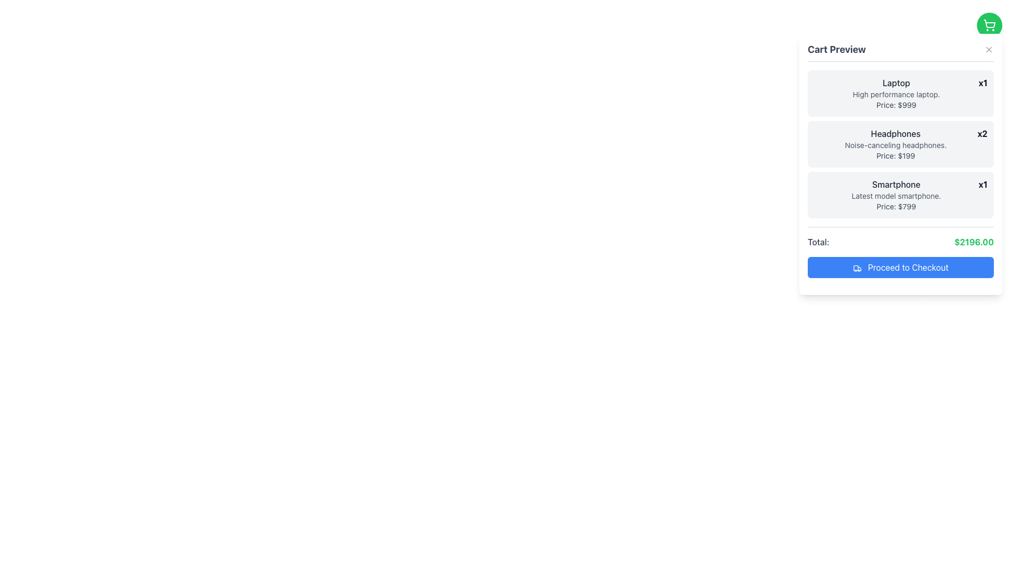  What do you see at coordinates (896, 94) in the screenshot?
I see `the text label that reads 'High performance laptop.', which is styled in light gray and positioned beneath the title 'Laptop' in the cart preview section` at bounding box center [896, 94].